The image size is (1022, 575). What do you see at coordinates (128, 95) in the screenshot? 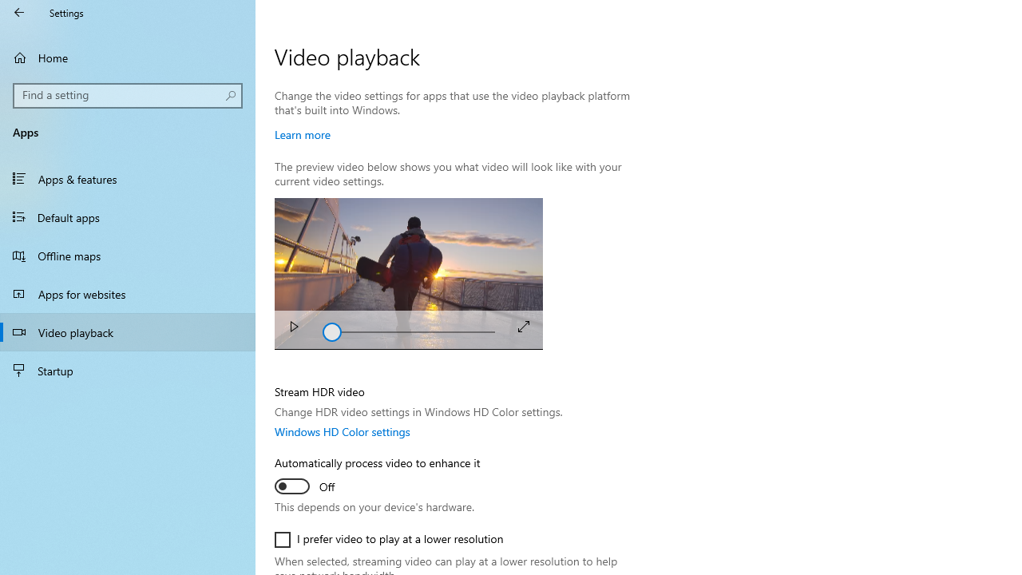
I see `'Search box, Find a setting'` at bounding box center [128, 95].